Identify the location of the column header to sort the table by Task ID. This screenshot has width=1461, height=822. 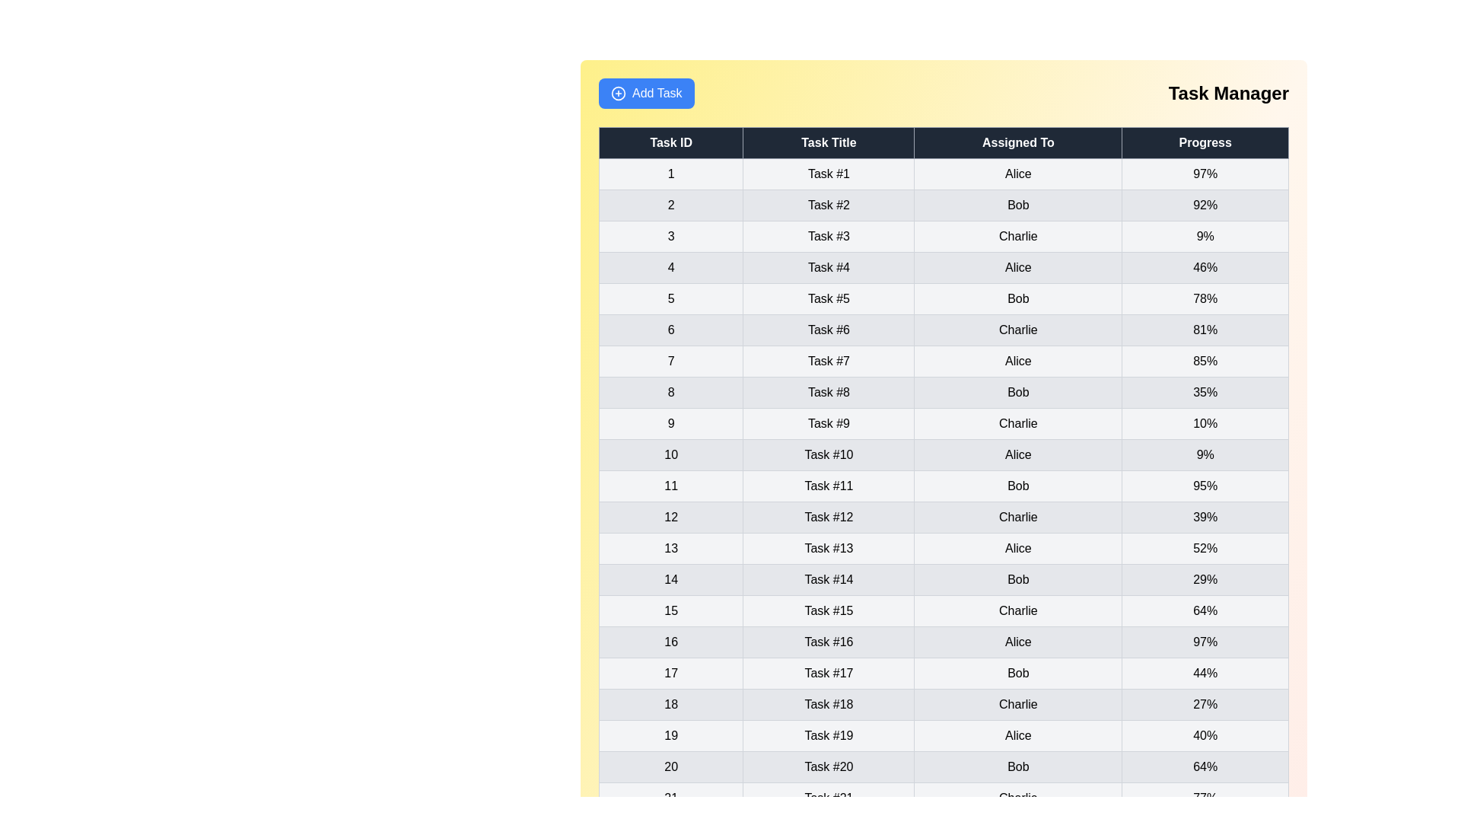
(670, 143).